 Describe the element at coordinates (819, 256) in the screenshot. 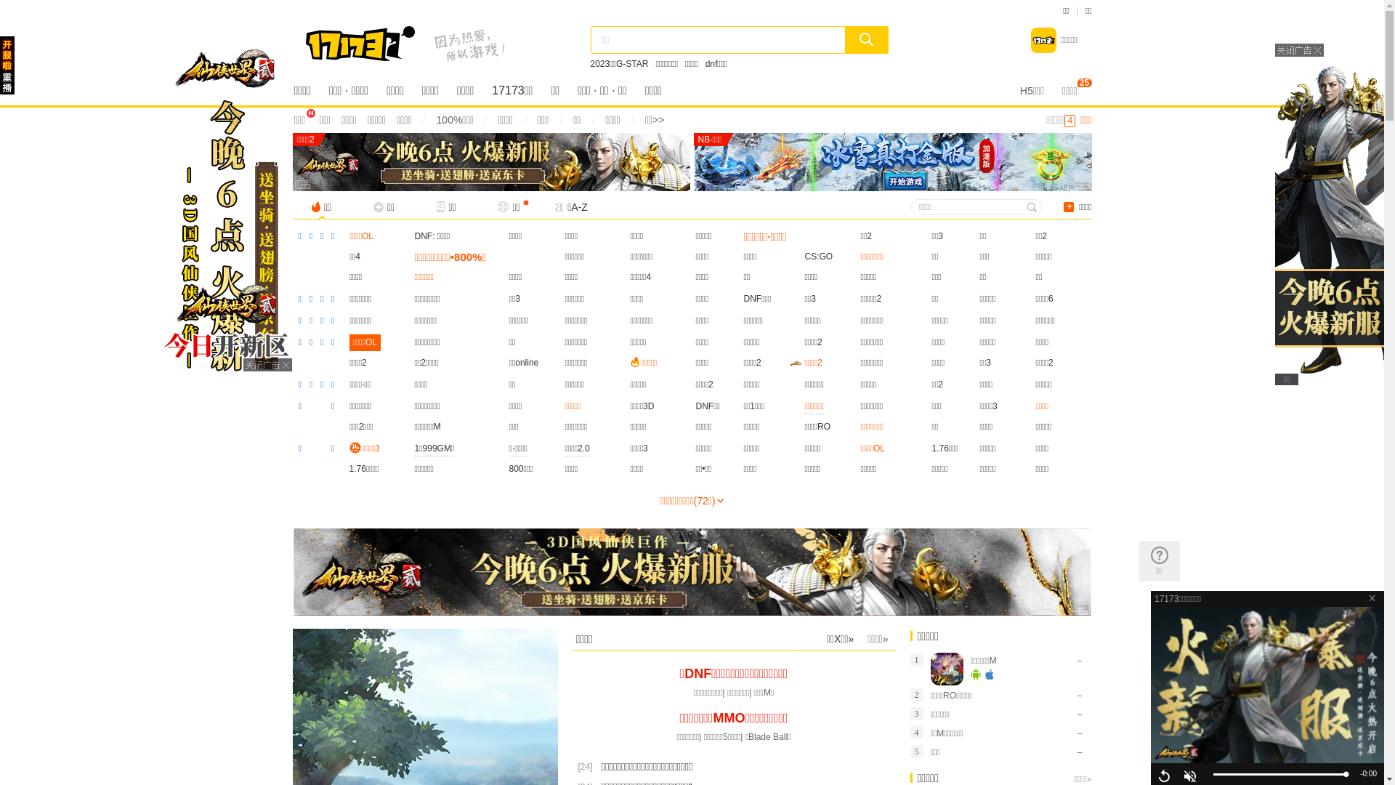

I see `'CS:GO'` at that location.